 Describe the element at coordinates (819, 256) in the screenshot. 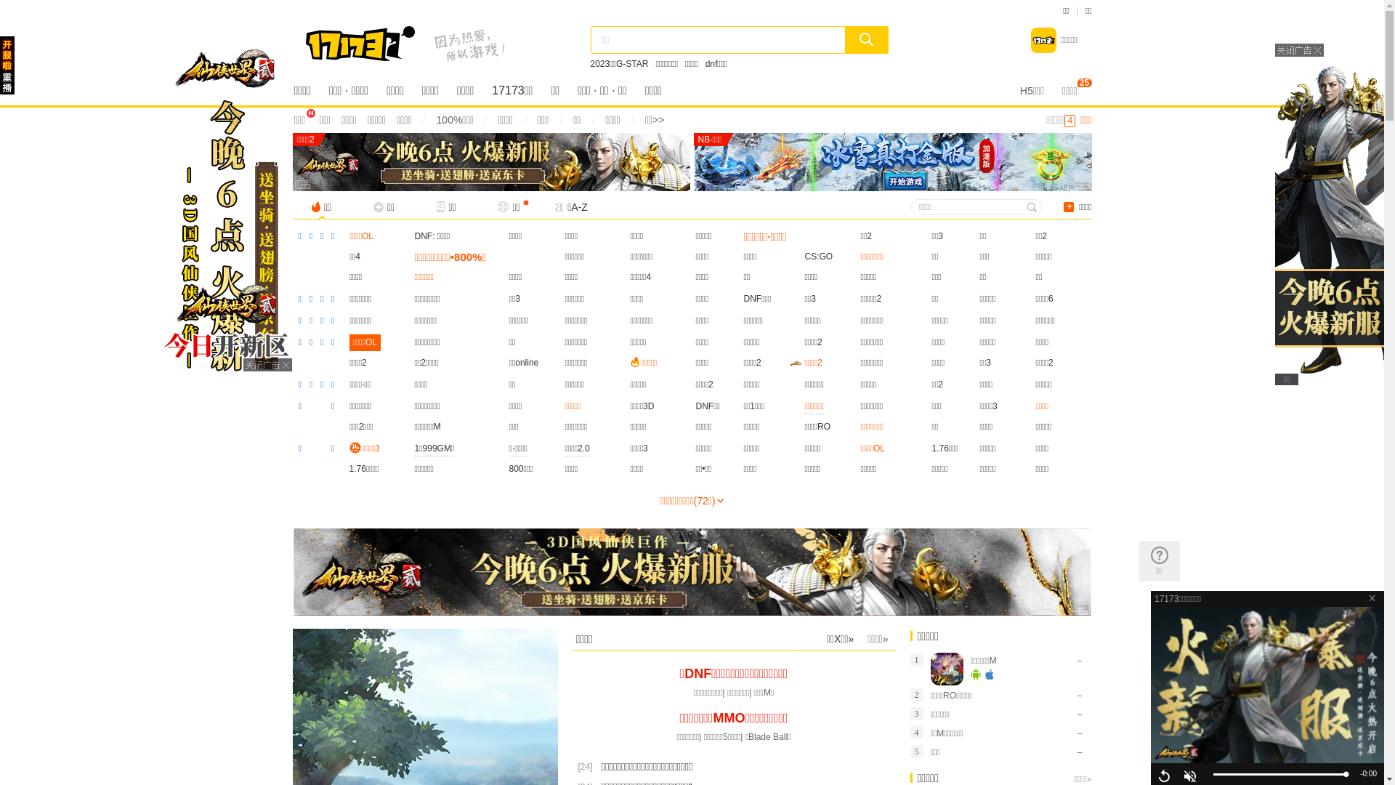

I see `'CS:GO'` at that location.